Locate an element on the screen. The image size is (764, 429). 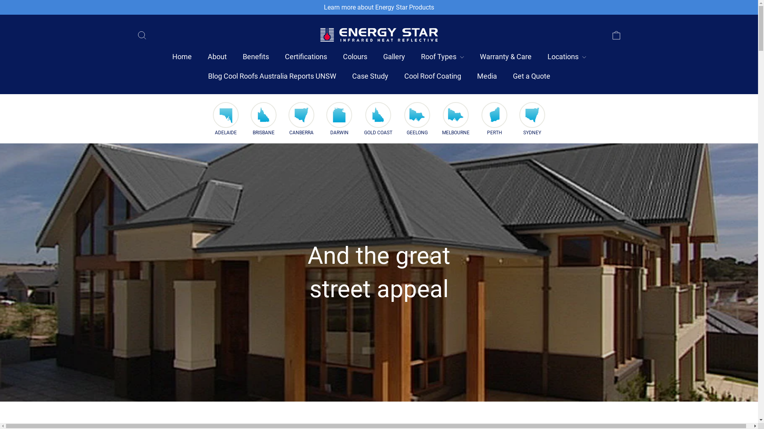
'Media' is located at coordinates (468, 76).